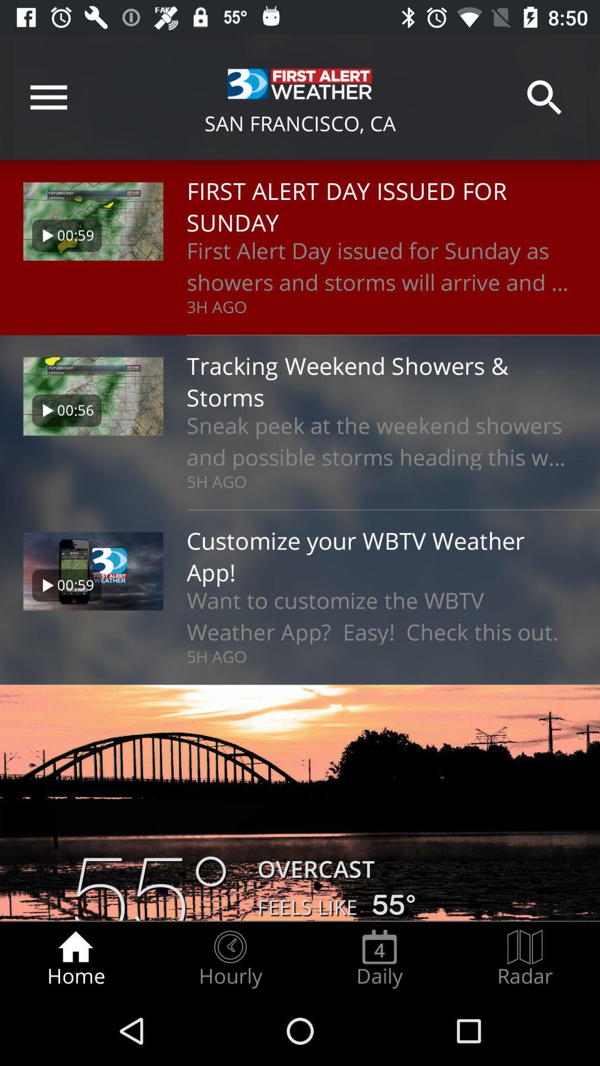 This screenshot has width=600, height=1066. I want to click on icon to the left of daily item, so click(229, 958).